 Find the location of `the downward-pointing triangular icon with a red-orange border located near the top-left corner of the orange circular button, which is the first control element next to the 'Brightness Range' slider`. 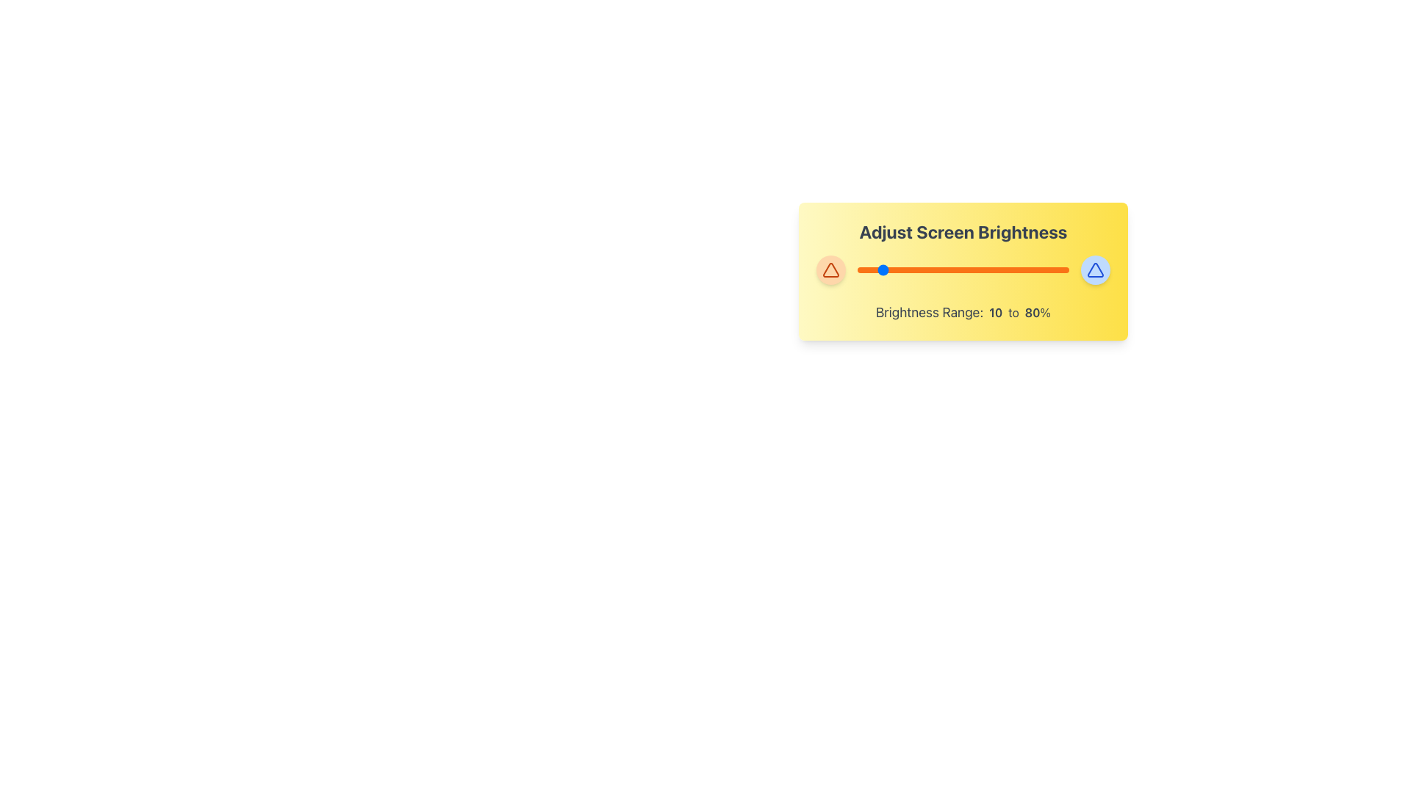

the downward-pointing triangular icon with a red-orange border located near the top-left corner of the orange circular button, which is the first control element next to the 'Brightness Range' slider is located at coordinates (831, 269).